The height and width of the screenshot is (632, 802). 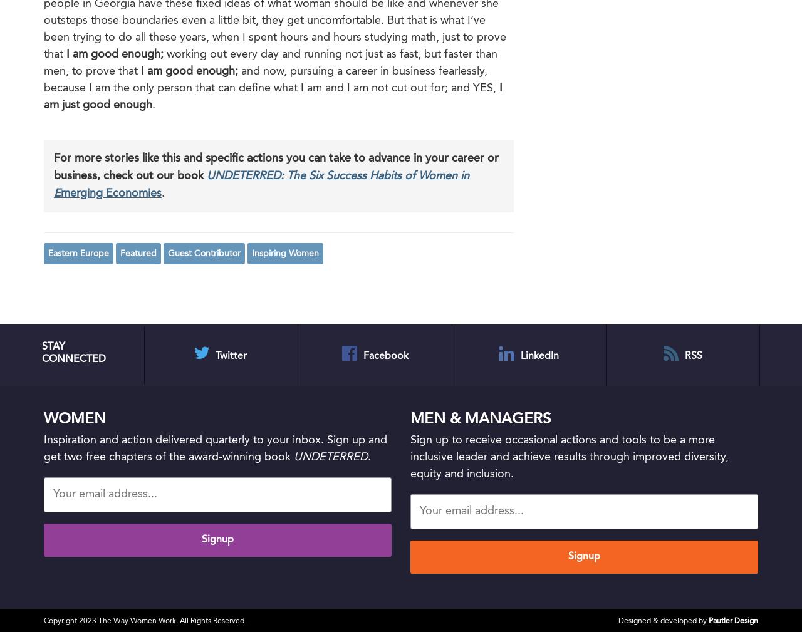 What do you see at coordinates (479, 419) in the screenshot?
I see `'Men & Managers'` at bounding box center [479, 419].